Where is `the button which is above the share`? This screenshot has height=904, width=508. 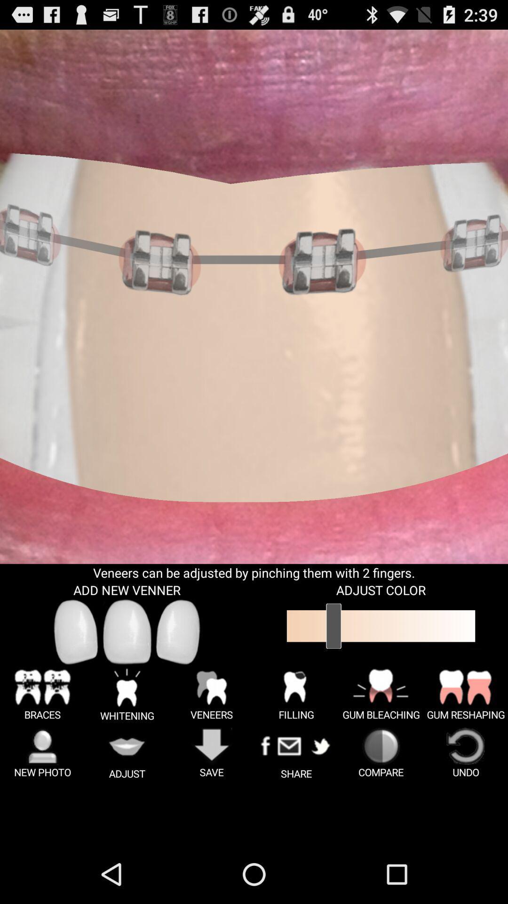
the button which is above the share is located at coordinates (295, 694).